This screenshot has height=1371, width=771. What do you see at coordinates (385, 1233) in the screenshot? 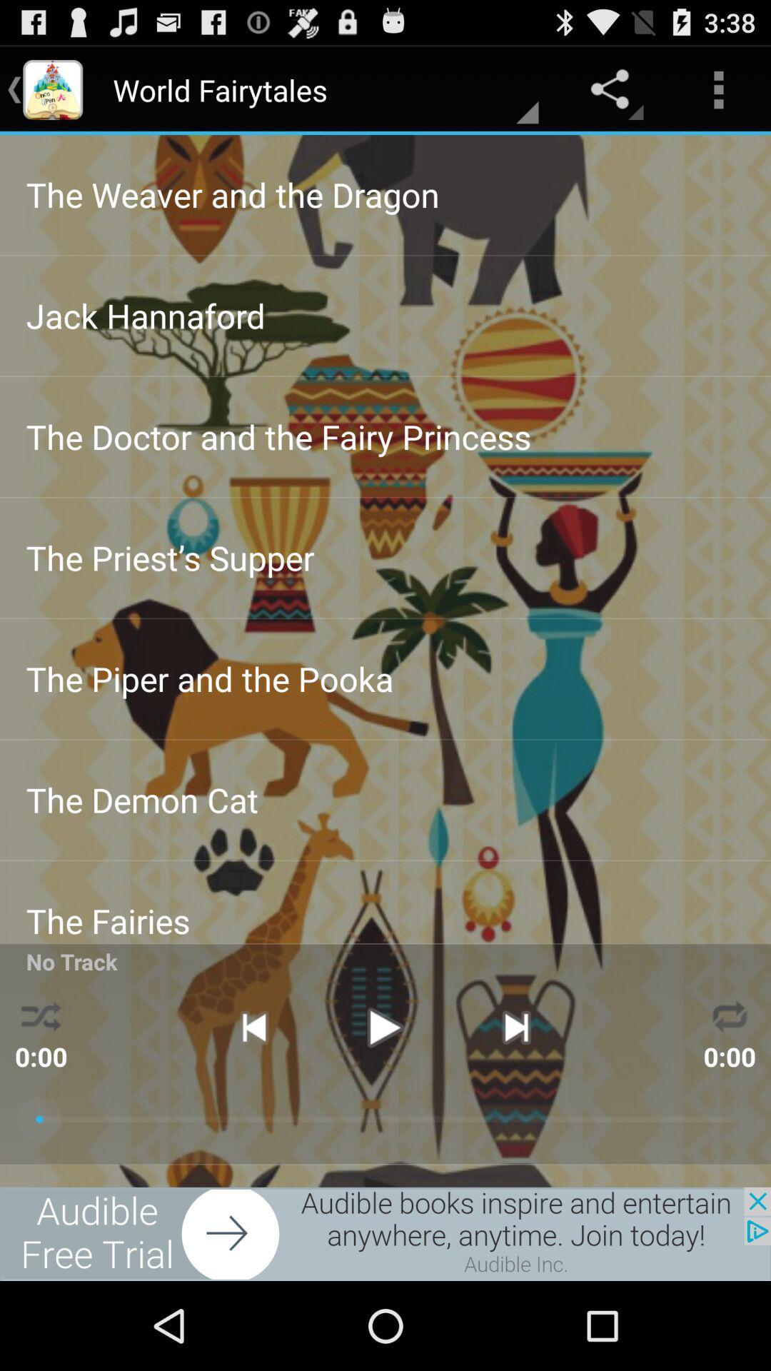
I see `audible advertisement` at bounding box center [385, 1233].